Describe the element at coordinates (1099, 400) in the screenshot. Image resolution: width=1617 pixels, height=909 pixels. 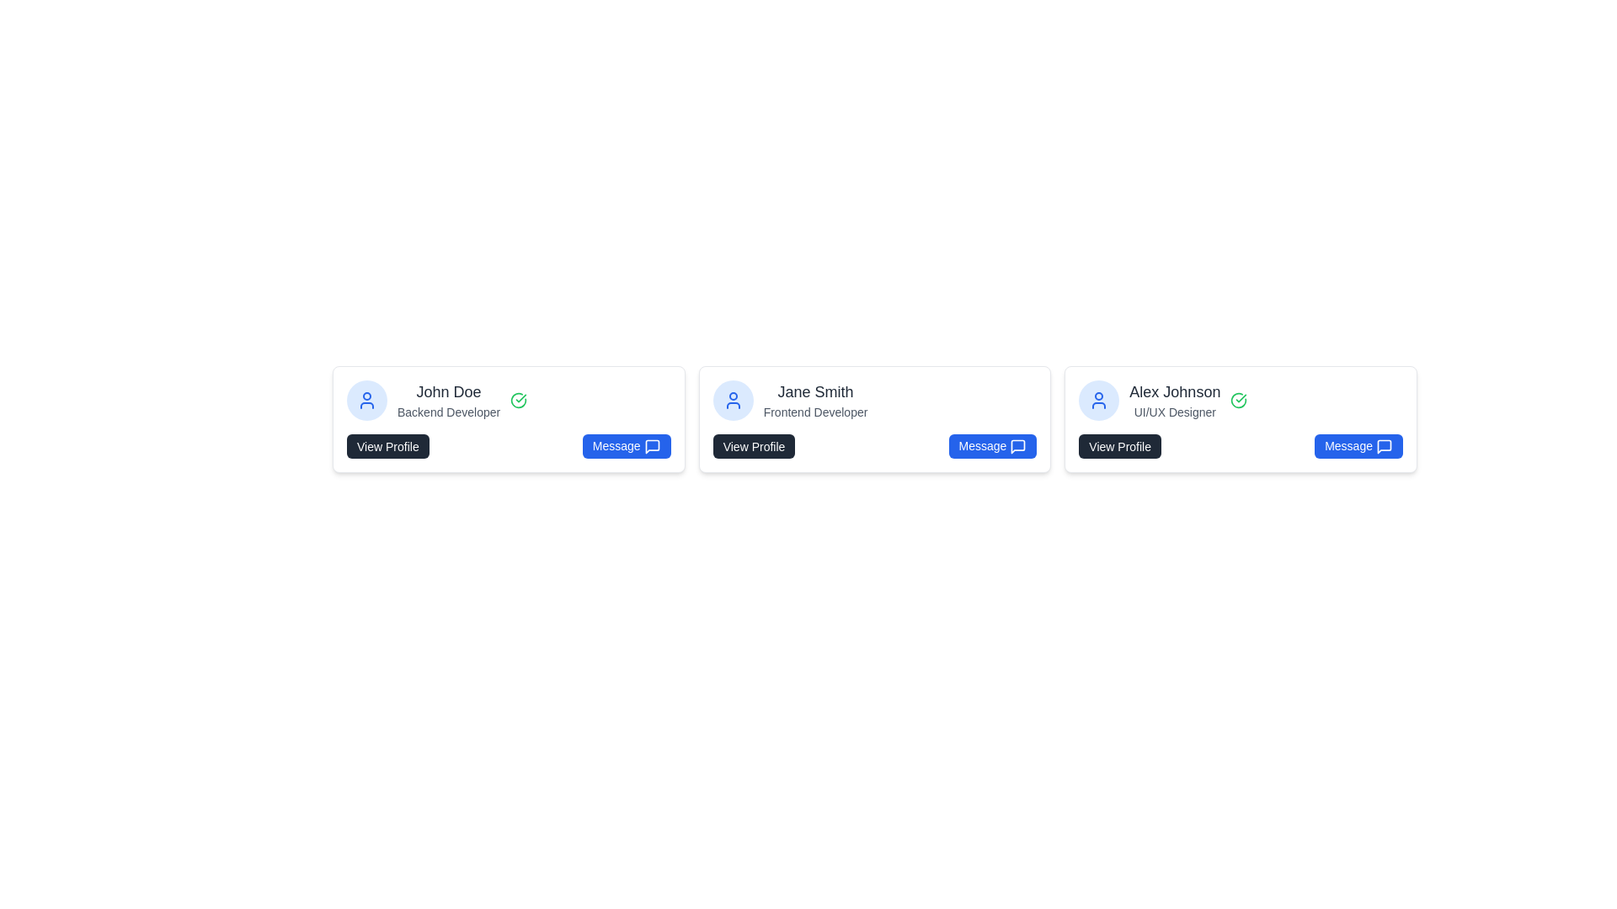
I see `the user silhouette icon in Alex Johnson's profile card, which is styled with a blue color scheme and is located in the top-left corner of the circular background` at that location.